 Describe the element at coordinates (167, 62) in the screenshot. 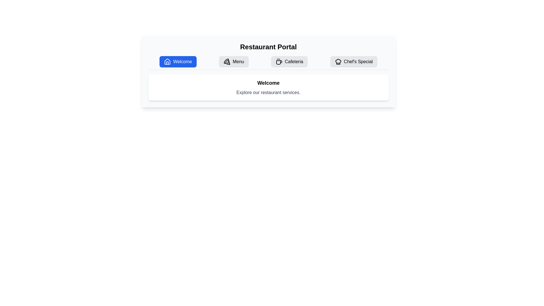

I see `the home icon (SVG) located to the left of the 'Welcome' button in the navigation row under the 'Restaurant Portal' heading` at that location.